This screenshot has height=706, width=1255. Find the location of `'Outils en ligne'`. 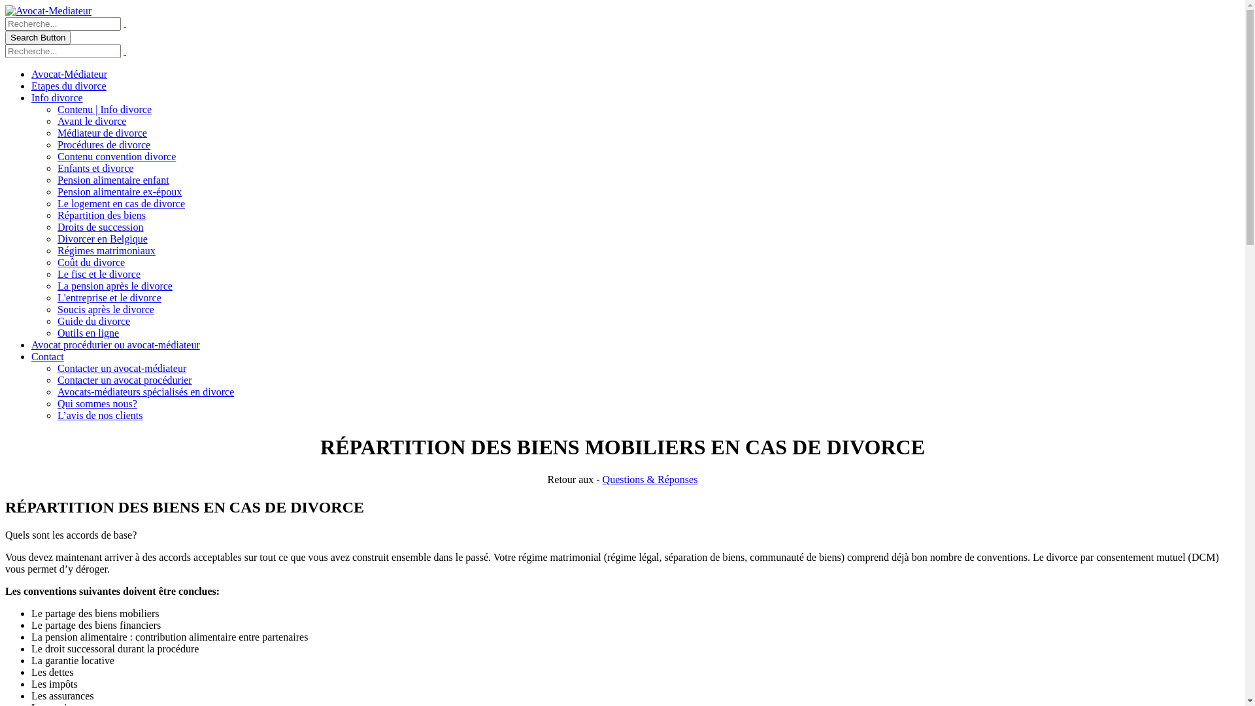

'Outils en ligne' is located at coordinates (87, 332).